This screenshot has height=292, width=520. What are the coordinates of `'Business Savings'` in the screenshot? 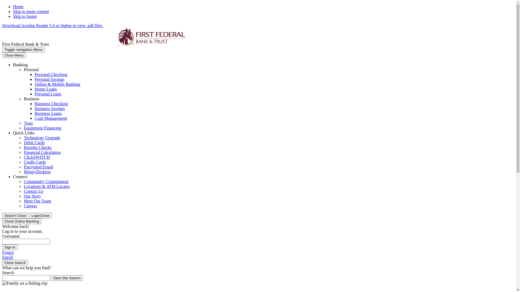 It's located at (34, 108).